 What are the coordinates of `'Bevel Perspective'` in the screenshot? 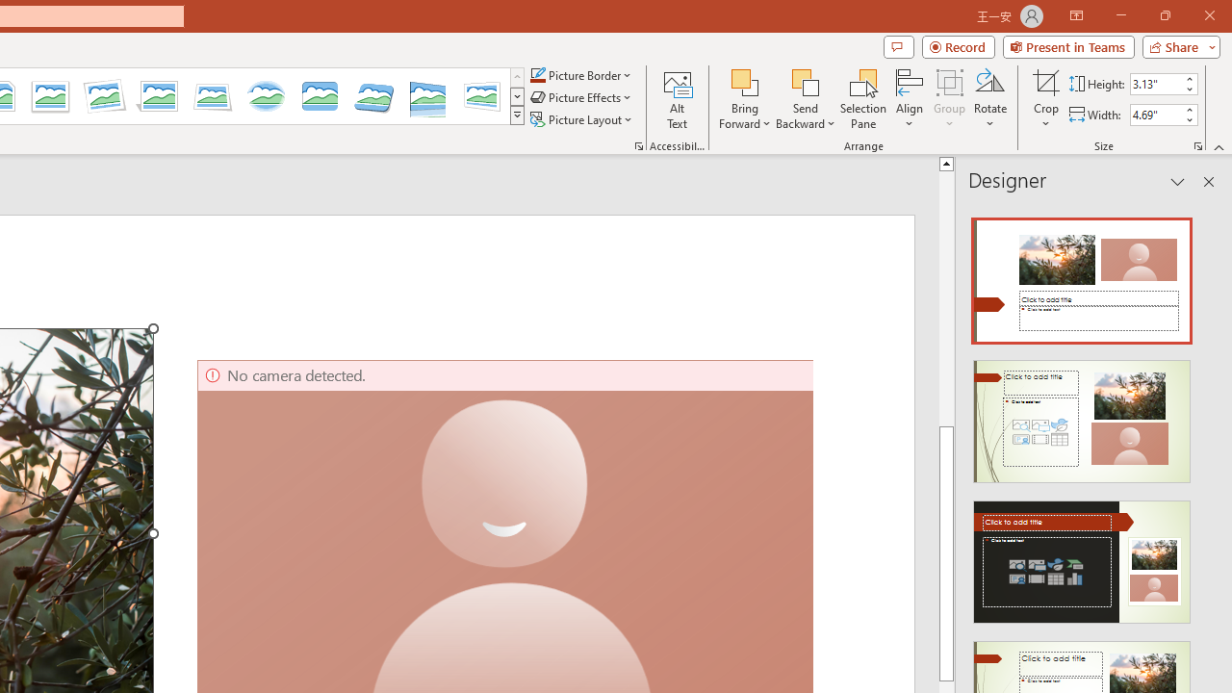 It's located at (374, 96).